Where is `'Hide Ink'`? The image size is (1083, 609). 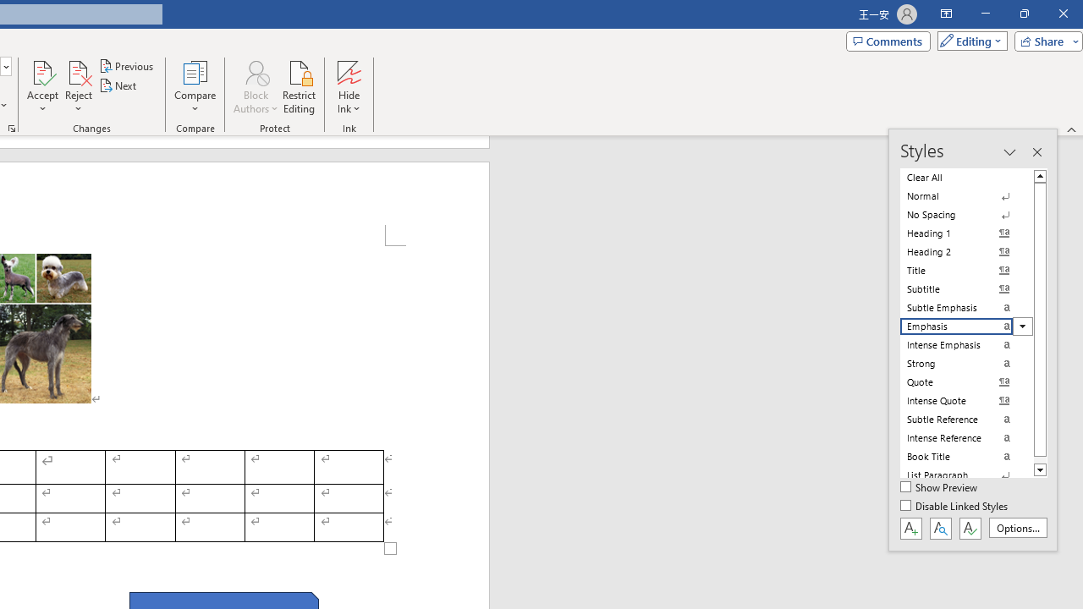
'Hide Ink' is located at coordinates (348, 71).